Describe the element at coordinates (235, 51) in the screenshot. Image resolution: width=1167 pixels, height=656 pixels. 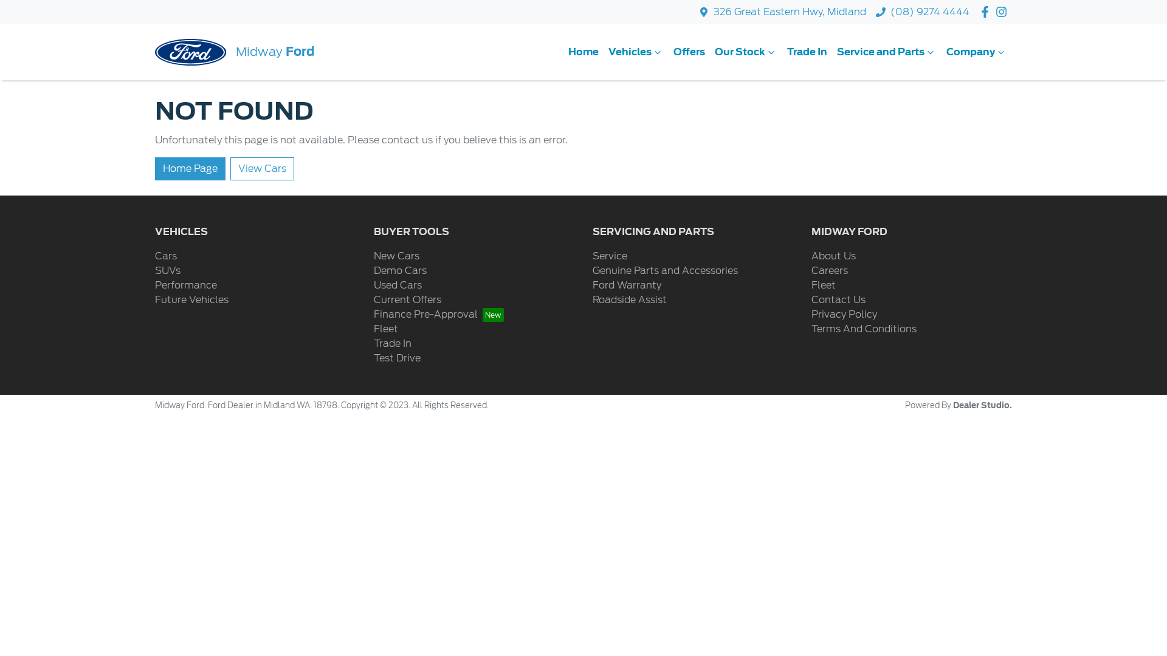
I see `'Midway Ford'` at that location.